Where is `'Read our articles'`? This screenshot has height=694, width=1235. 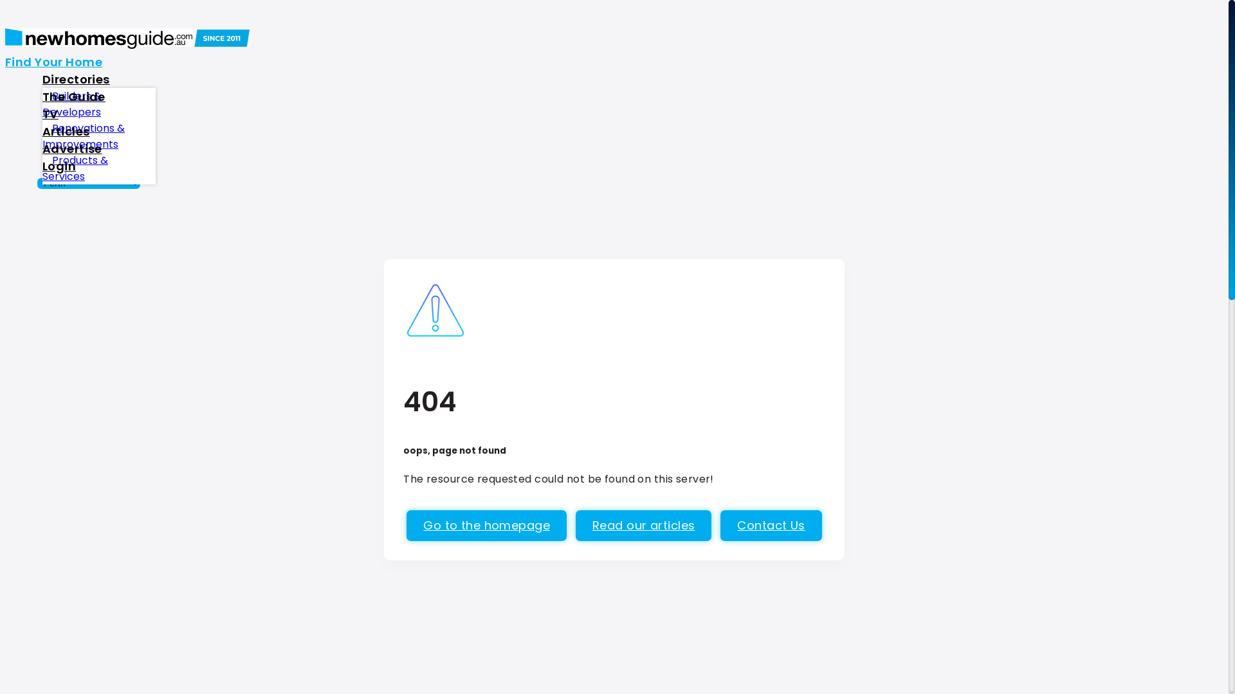
'Read our articles' is located at coordinates (643, 525).